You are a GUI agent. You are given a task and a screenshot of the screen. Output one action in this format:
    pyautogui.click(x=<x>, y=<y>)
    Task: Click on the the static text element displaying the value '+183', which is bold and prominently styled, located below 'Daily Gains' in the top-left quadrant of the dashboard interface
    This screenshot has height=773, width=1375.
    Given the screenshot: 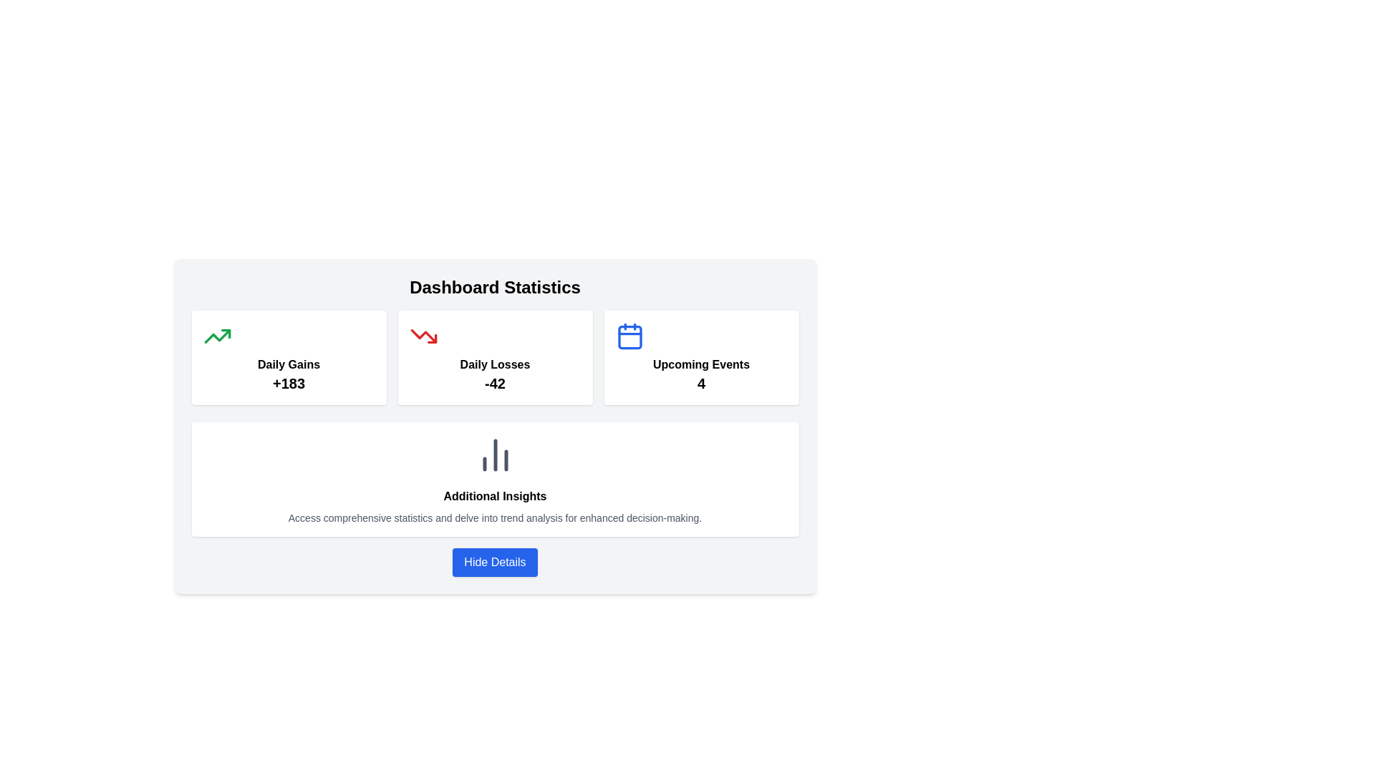 What is the action you would take?
    pyautogui.click(x=288, y=383)
    